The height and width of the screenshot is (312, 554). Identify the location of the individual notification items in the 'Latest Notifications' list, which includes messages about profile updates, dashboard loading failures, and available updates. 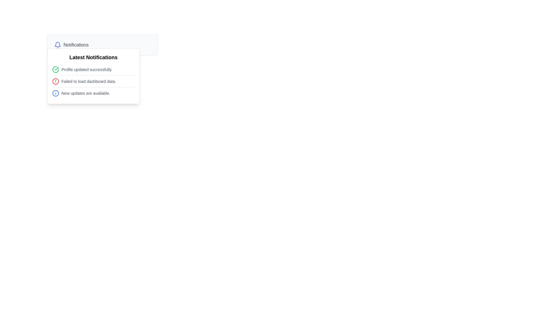
(93, 81).